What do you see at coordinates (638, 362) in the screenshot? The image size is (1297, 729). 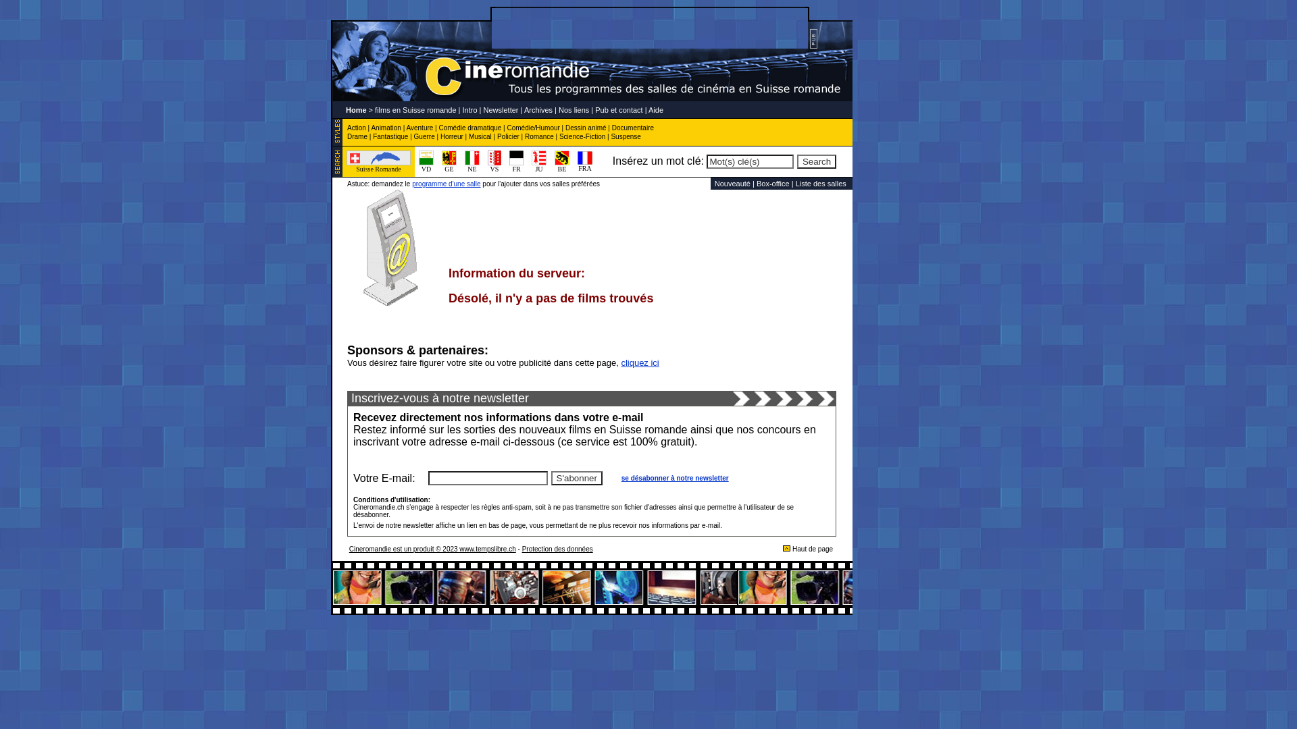 I see `'cliquez ici'` at bounding box center [638, 362].